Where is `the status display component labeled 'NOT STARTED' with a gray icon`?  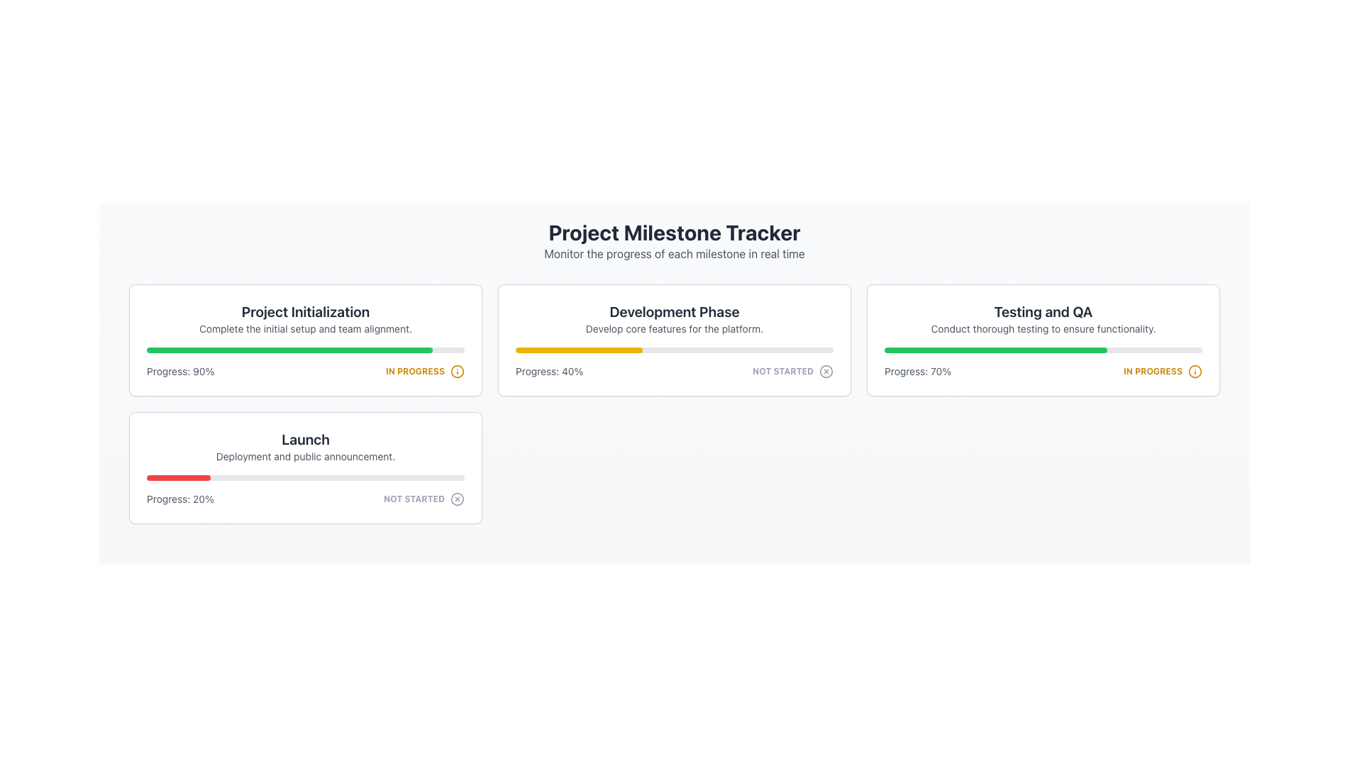 the status display component labeled 'NOT STARTED' with a gray icon is located at coordinates (423, 499).